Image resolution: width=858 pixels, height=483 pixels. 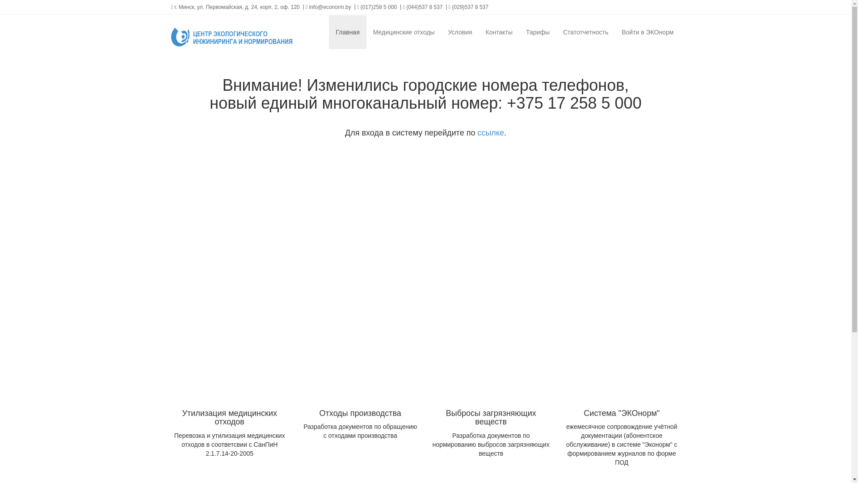 I want to click on 'info@econorm.by', so click(x=328, y=7).